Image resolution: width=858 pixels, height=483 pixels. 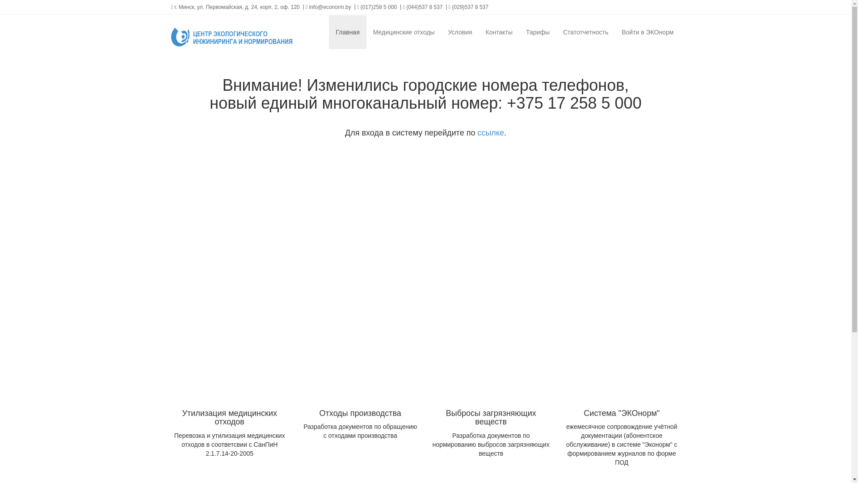 I want to click on 'info@econorm.by', so click(x=328, y=7).